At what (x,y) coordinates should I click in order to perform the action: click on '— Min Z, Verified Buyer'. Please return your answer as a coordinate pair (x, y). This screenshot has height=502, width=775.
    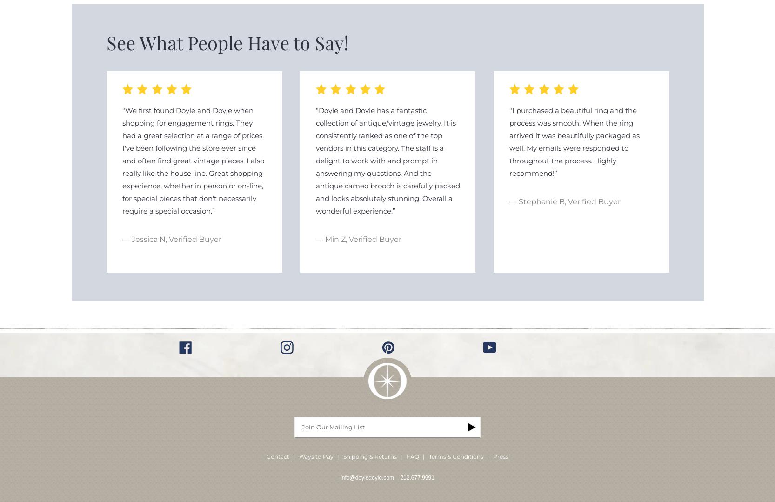
    Looking at the image, I should click on (358, 239).